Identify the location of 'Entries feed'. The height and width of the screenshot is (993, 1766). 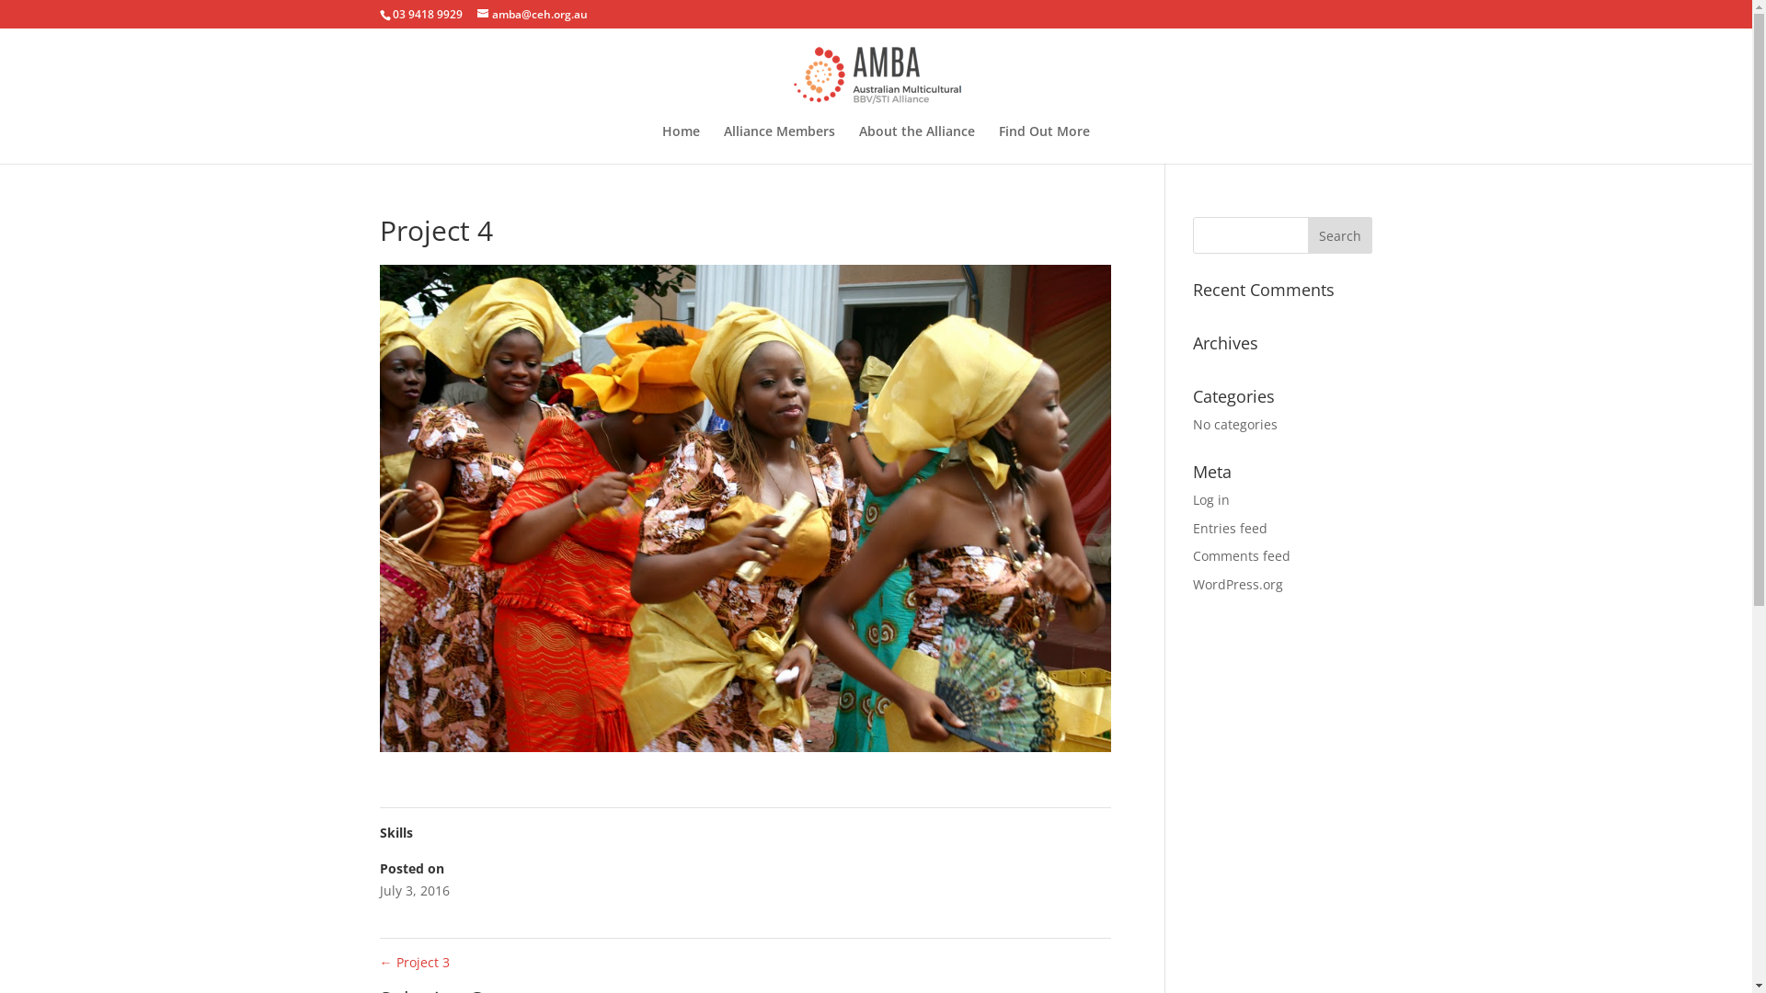
(1230, 528).